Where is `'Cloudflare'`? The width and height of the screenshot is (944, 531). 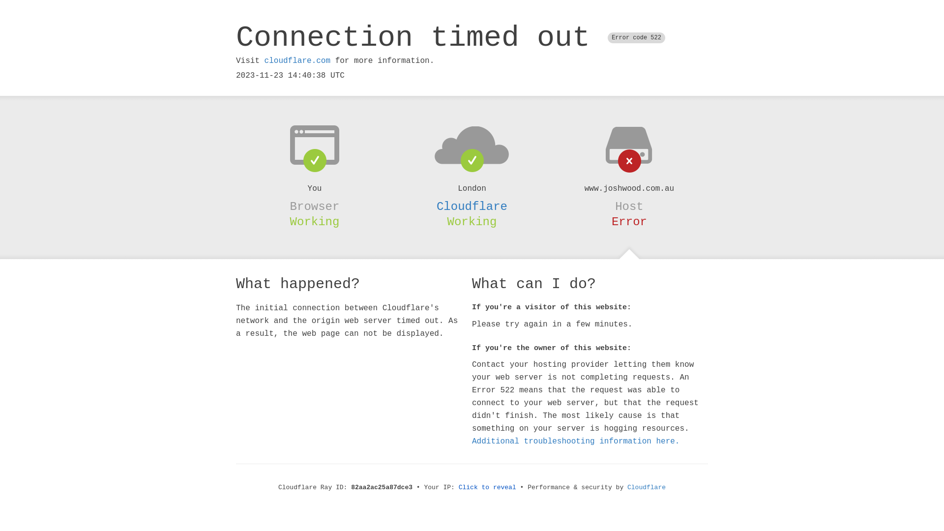
'Cloudflare' is located at coordinates (436, 206).